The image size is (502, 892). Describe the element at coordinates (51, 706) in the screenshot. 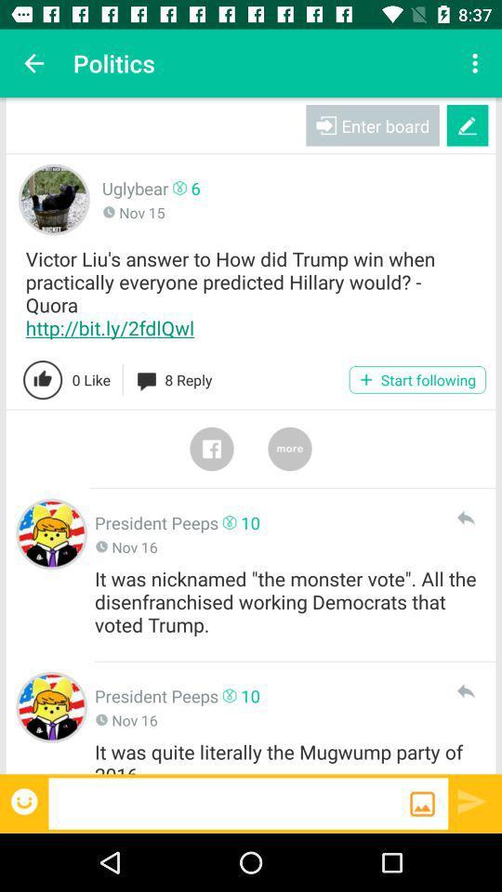

I see `profile icon` at that location.